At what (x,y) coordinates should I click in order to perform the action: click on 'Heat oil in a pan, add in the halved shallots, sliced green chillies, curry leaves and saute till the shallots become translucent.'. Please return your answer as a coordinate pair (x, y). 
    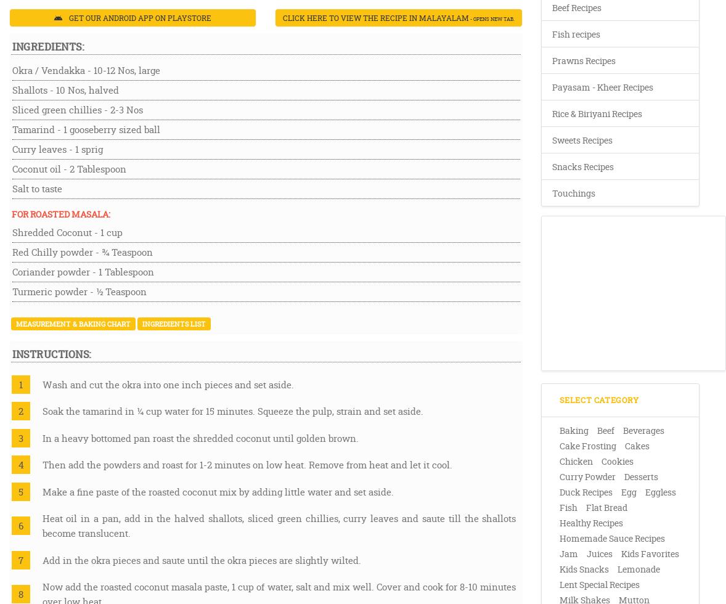
    Looking at the image, I should click on (41, 525).